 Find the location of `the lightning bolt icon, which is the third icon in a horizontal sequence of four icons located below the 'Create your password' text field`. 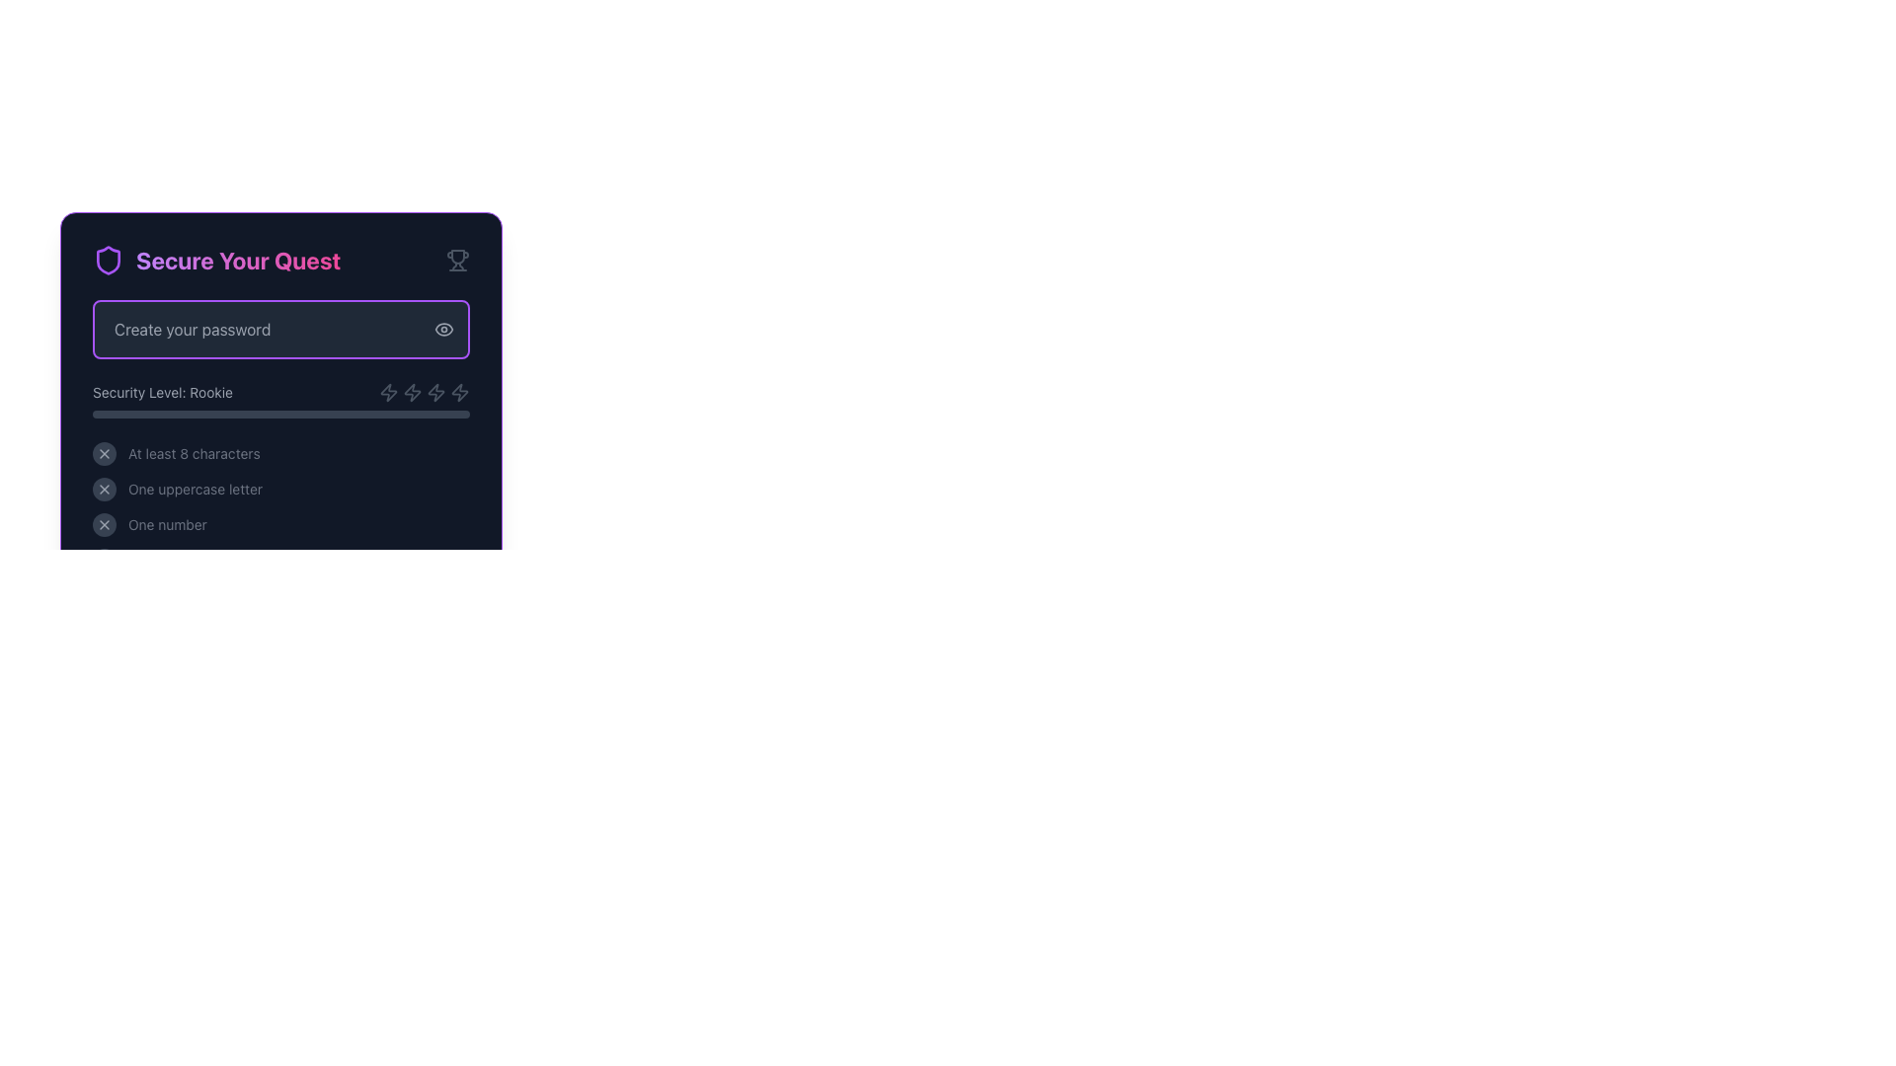

the lightning bolt icon, which is the third icon in a horizontal sequence of four icons located below the 'Create your password' text field is located at coordinates (434, 392).